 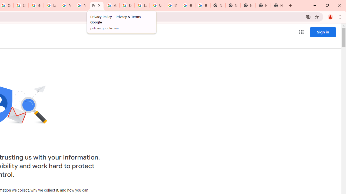 I want to click on 'Privacy Help Center - Policies Help', so click(x=66, y=5).